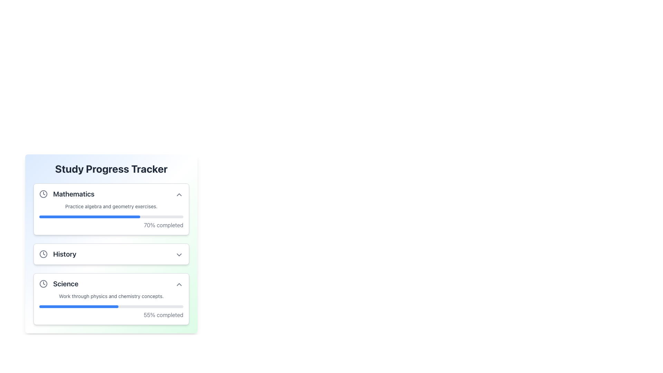 The width and height of the screenshot is (663, 373). I want to click on text label that informs users about the specific tasks or objectives associated with the 'Science' progress section, positioned above the progress bar in the 'Study Progress Tracker' interface, so click(111, 296).